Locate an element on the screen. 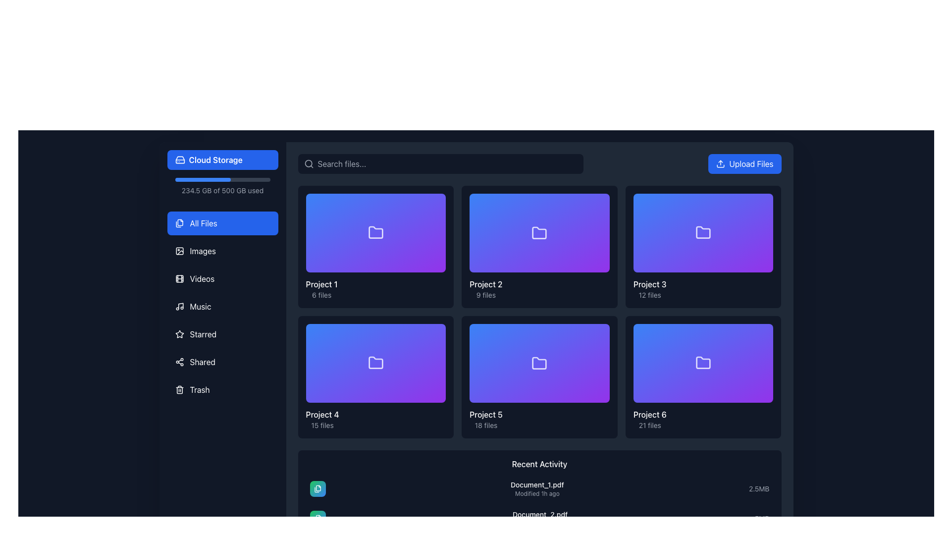  the 'Starred' navigation button, which is the sixth item in the vertical menu is located at coordinates (222, 334).